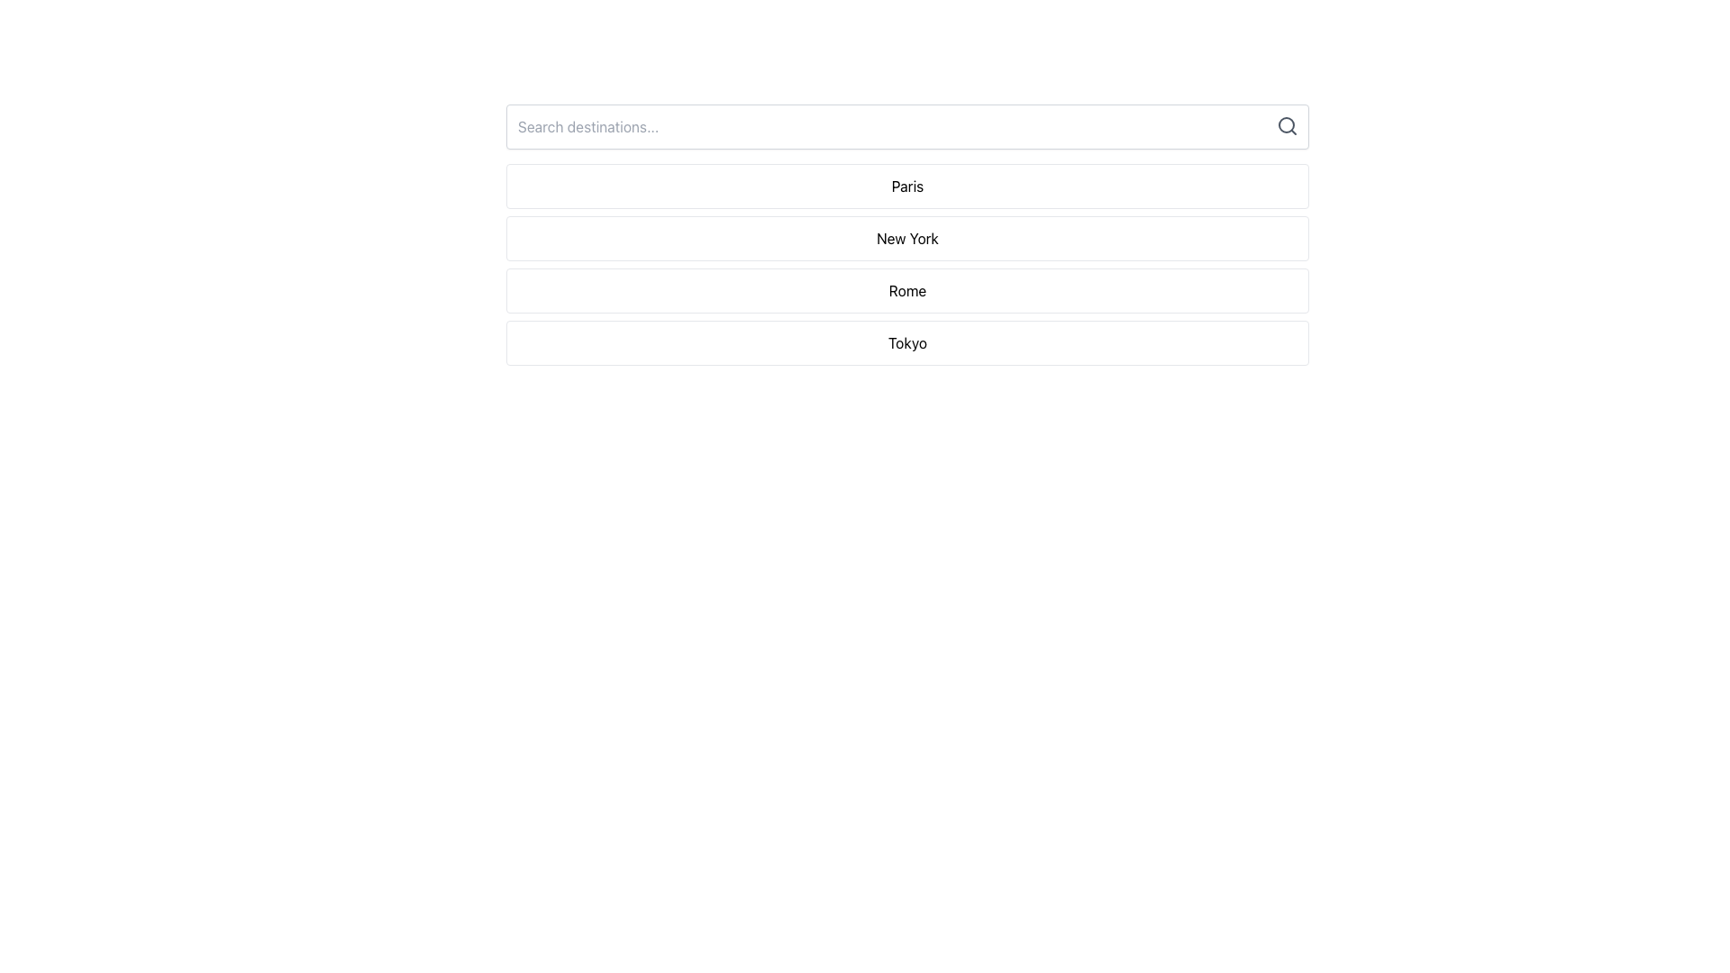 Image resolution: width=1730 pixels, height=973 pixels. I want to click on the text label representing the city 'New York', which is the second entry in a vertically stacked list inside a bordered rectangle, so click(907, 238).